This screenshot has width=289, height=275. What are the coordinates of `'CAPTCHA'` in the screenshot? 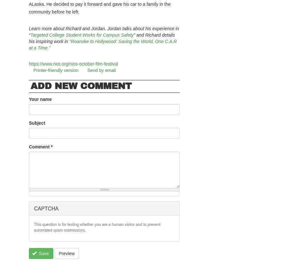 It's located at (46, 208).